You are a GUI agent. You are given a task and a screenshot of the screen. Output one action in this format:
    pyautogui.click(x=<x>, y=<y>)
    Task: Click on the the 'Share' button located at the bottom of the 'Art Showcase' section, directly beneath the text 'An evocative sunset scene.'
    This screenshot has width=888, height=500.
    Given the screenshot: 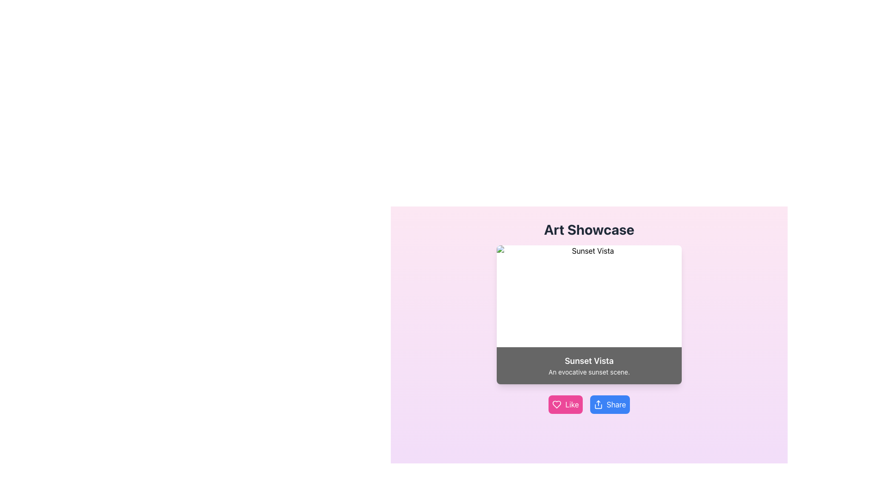 What is the action you would take?
    pyautogui.click(x=588, y=404)
    